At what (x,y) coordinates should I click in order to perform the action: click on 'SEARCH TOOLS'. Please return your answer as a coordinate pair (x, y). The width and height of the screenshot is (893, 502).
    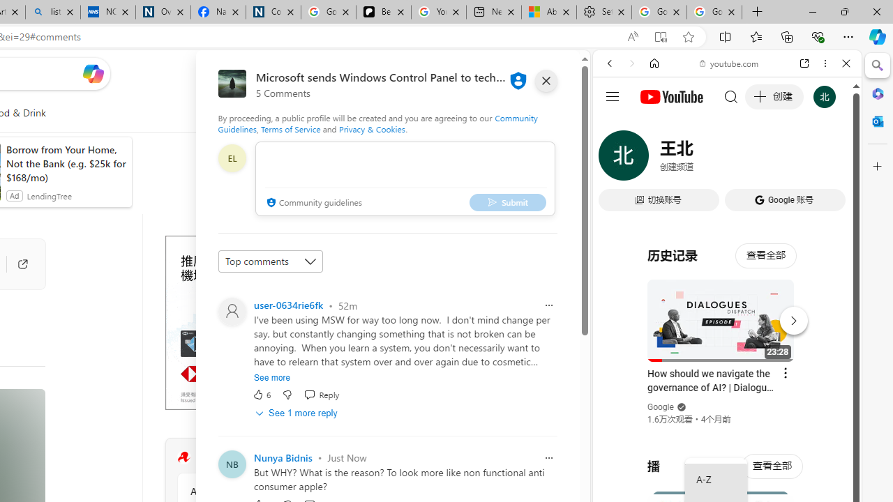
    Looking at the image, I should click on (762, 158).